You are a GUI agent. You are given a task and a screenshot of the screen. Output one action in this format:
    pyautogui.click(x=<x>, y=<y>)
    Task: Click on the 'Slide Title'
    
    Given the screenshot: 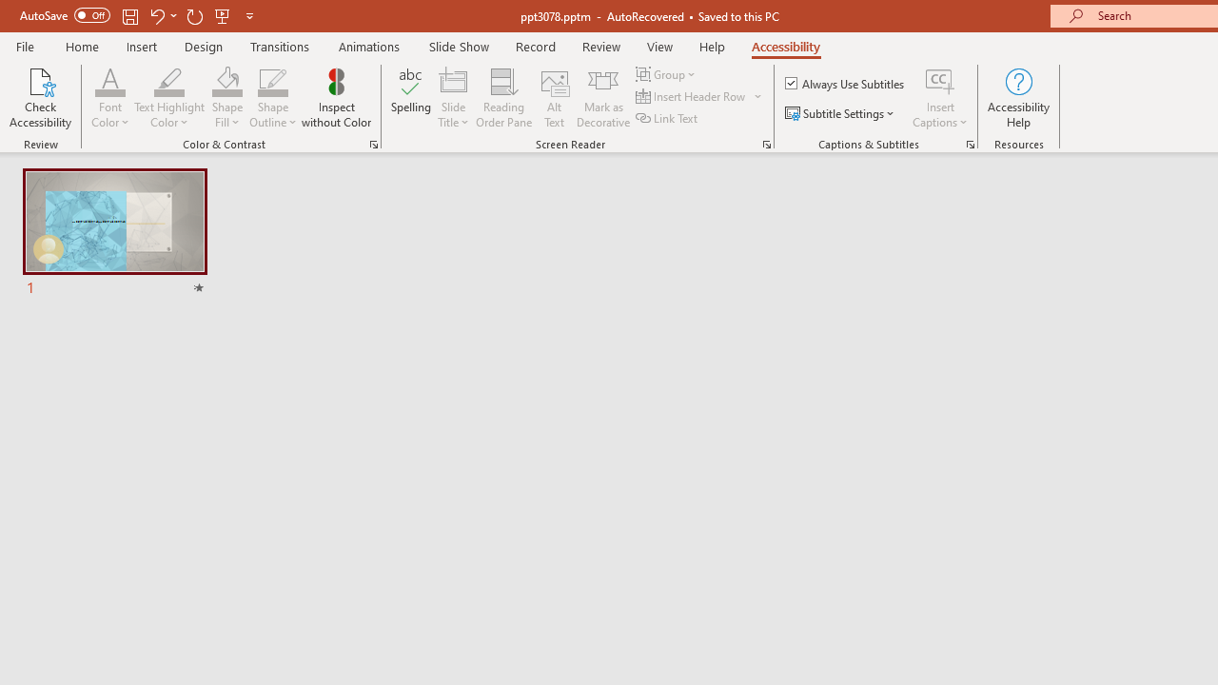 What is the action you would take?
    pyautogui.click(x=452, y=80)
    